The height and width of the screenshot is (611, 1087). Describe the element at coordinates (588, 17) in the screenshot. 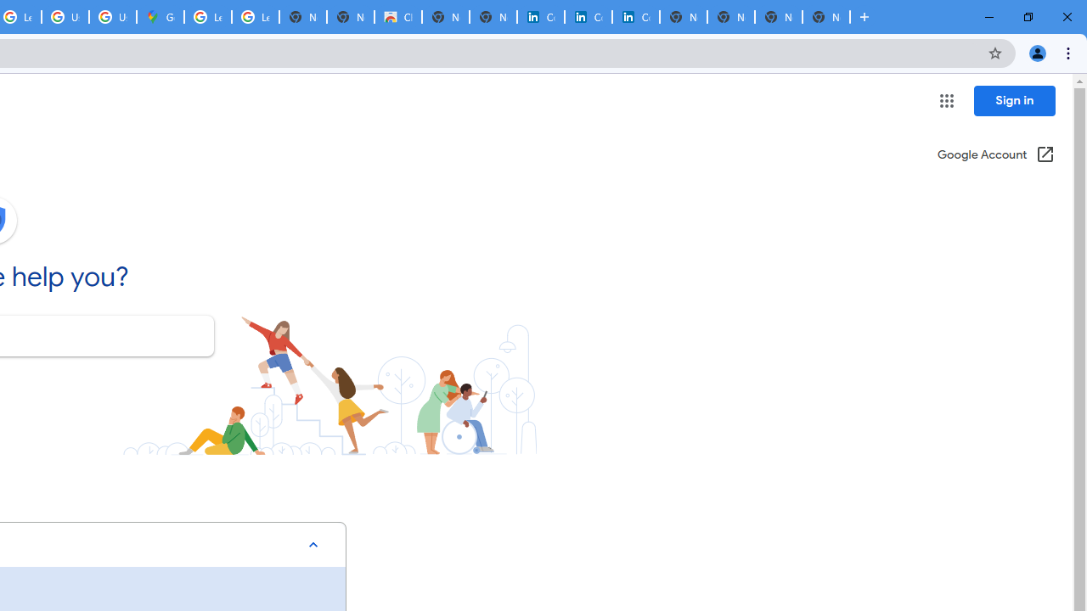

I see `'Cookie Policy | LinkedIn'` at that location.